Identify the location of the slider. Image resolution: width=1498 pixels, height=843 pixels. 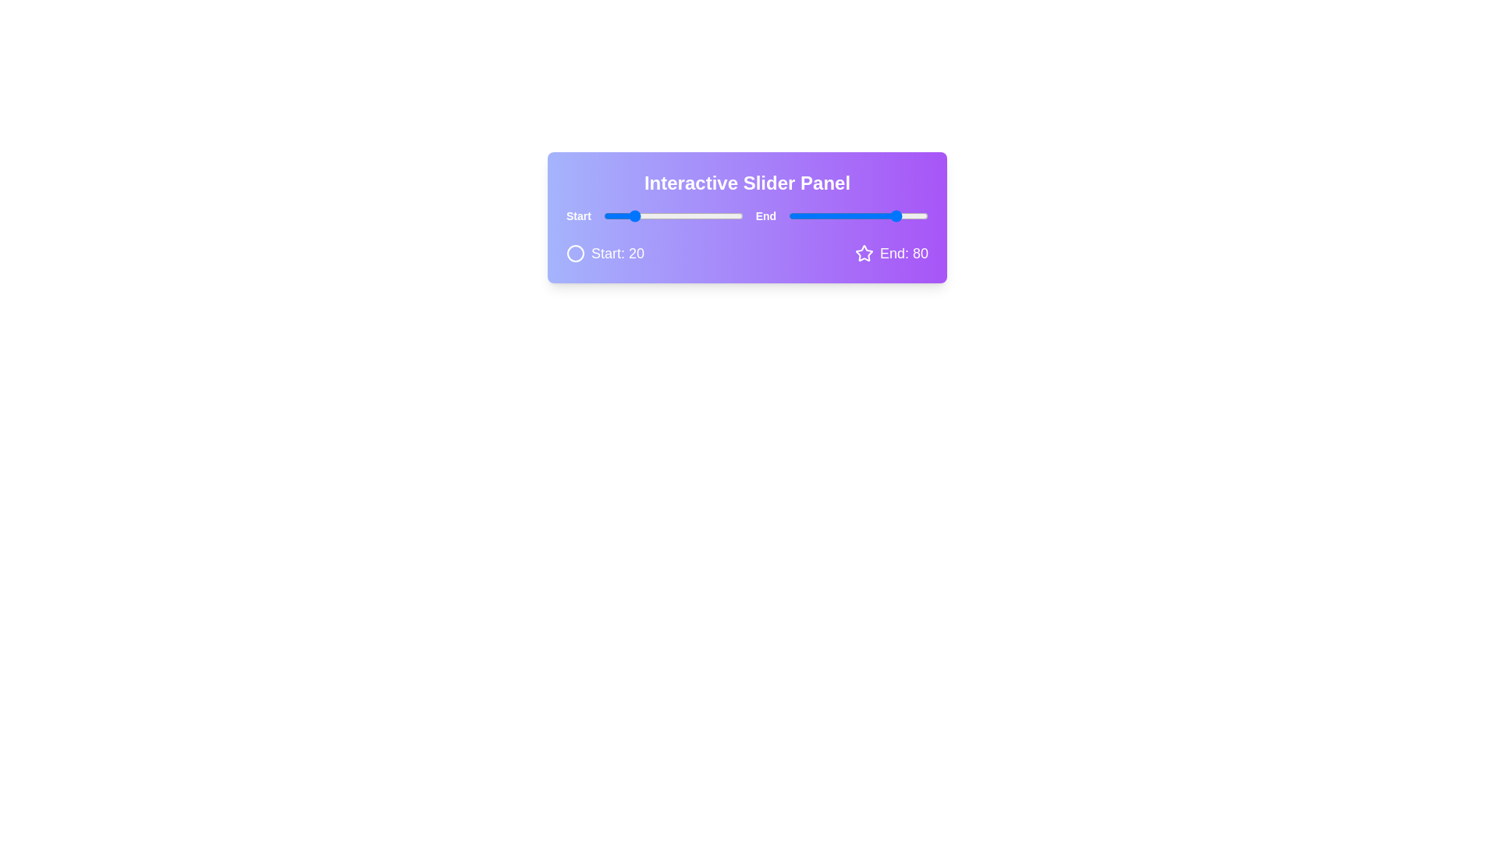
(900, 216).